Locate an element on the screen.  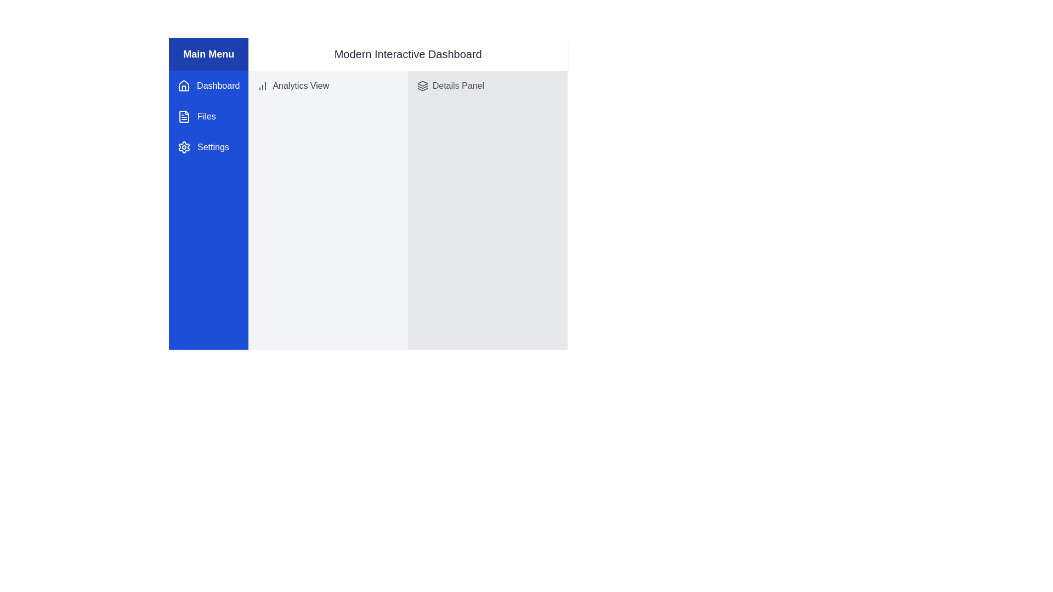
the file icon in the left-side navigation menu is located at coordinates (184, 116).